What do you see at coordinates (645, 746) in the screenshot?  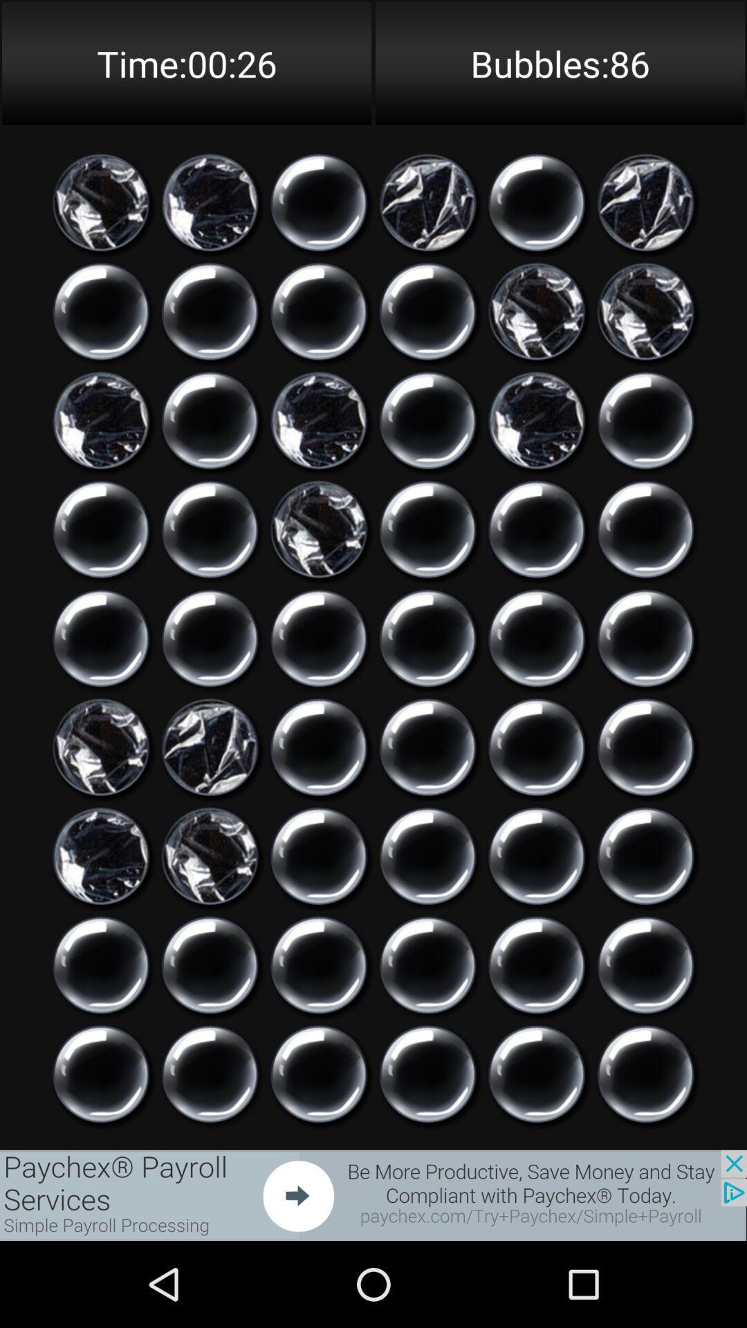 I see `bubble button` at bounding box center [645, 746].